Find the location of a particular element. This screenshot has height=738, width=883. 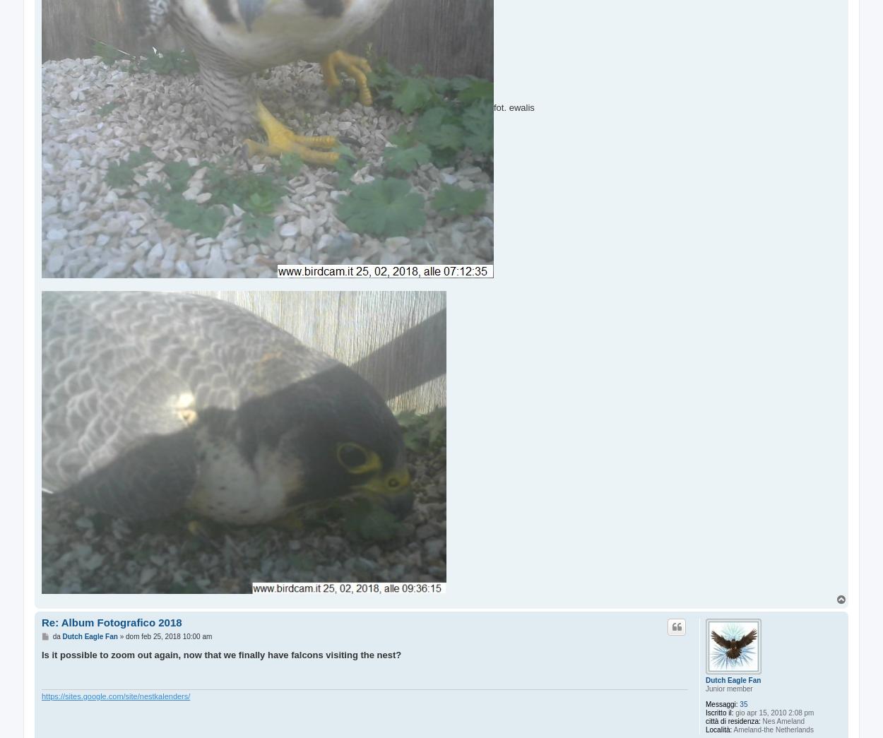

'Iscritto il:' is located at coordinates (705, 713).